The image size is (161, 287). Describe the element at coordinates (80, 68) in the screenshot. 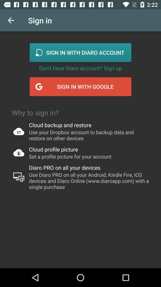

I see `the item above sign in with icon` at that location.